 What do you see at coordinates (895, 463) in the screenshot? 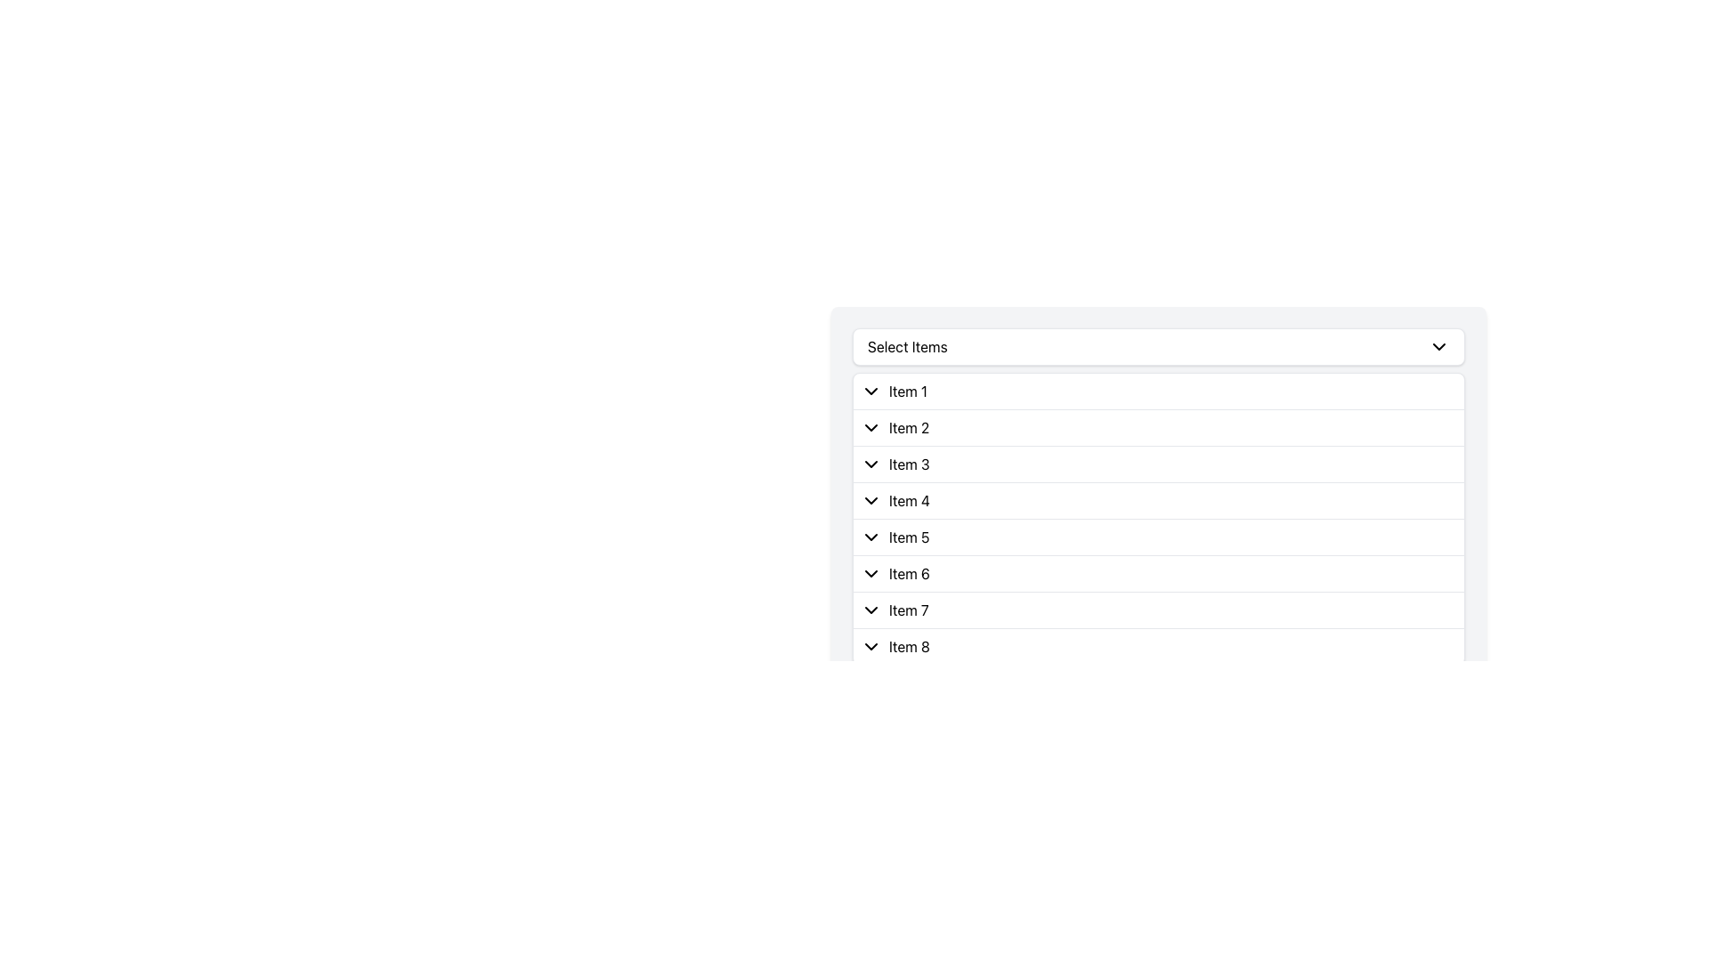
I see `the third list item in the dropdown menu` at bounding box center [895, 463].